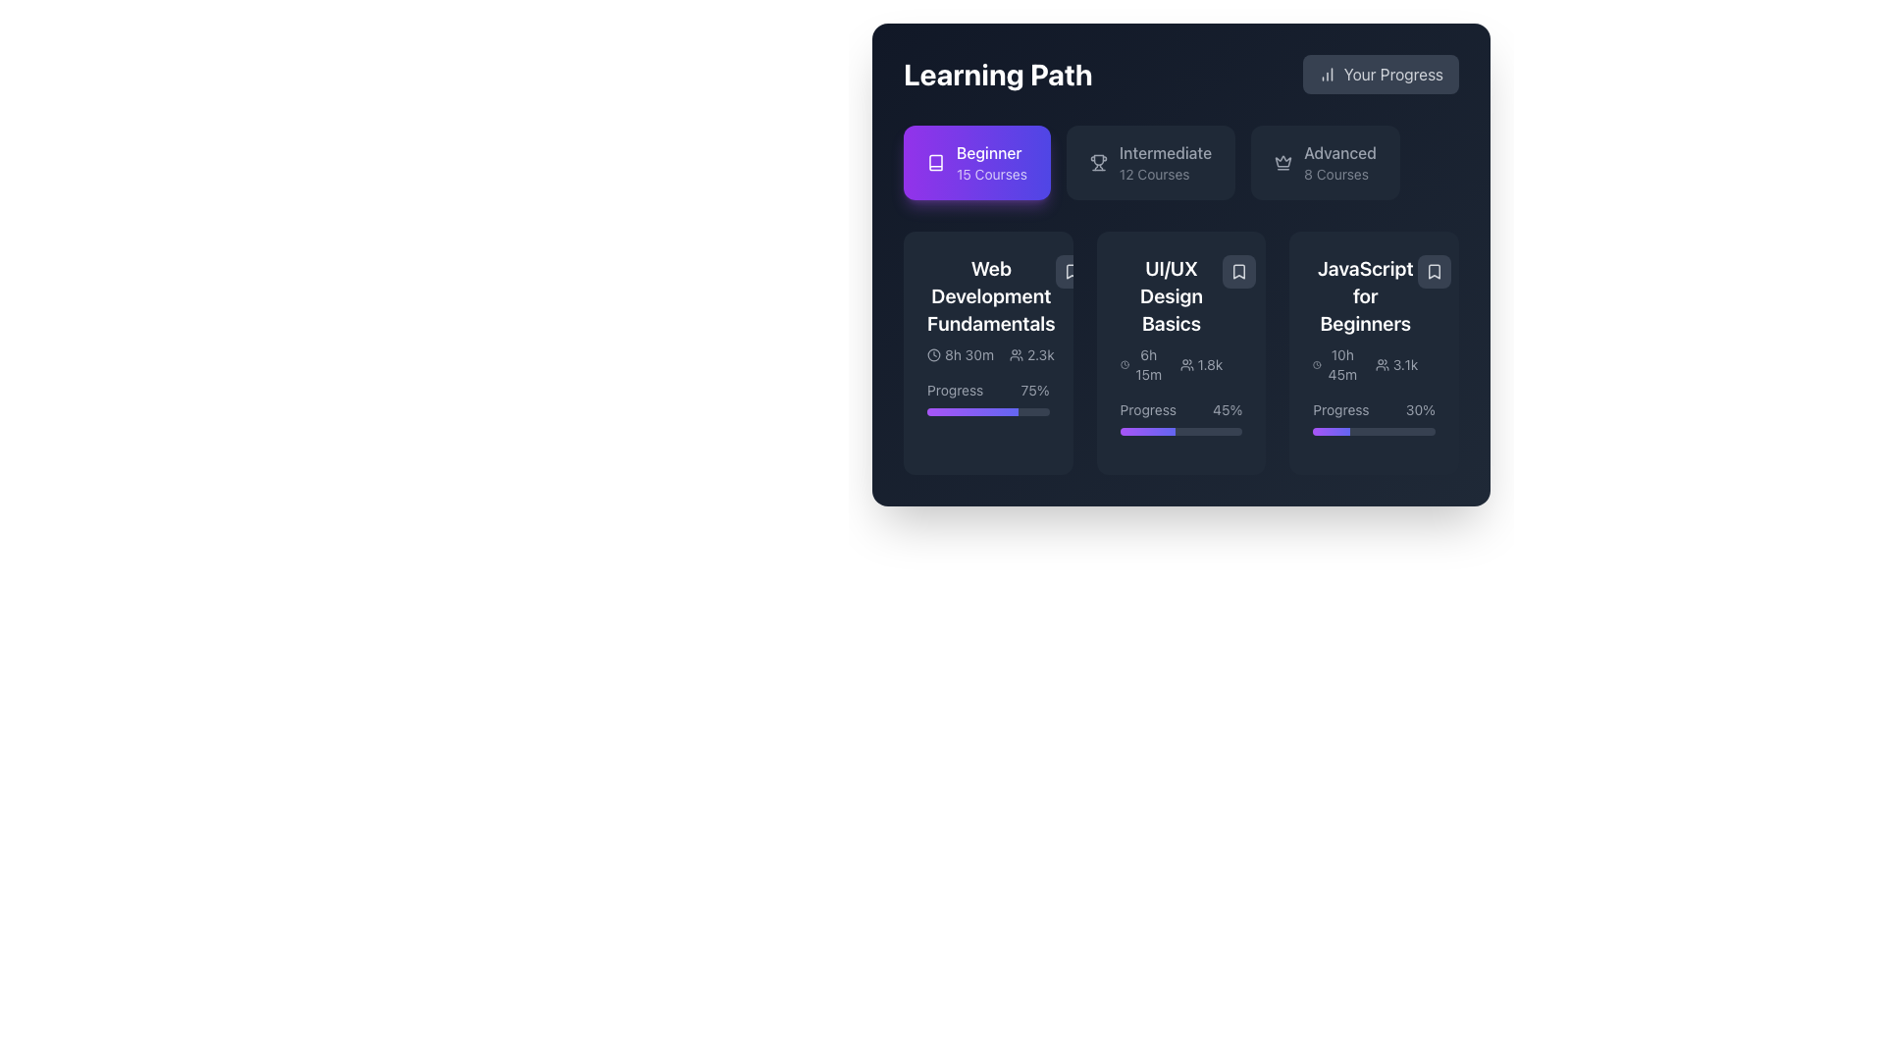 The image size is (1884, 1060). Describe the element at coordinates (1317, 364) in the screenshot. I see `the small circular clock icon with a hollow outline, located to the left of the text '10h 45m' in the 'JavaScript for Beginners' card` at that location.